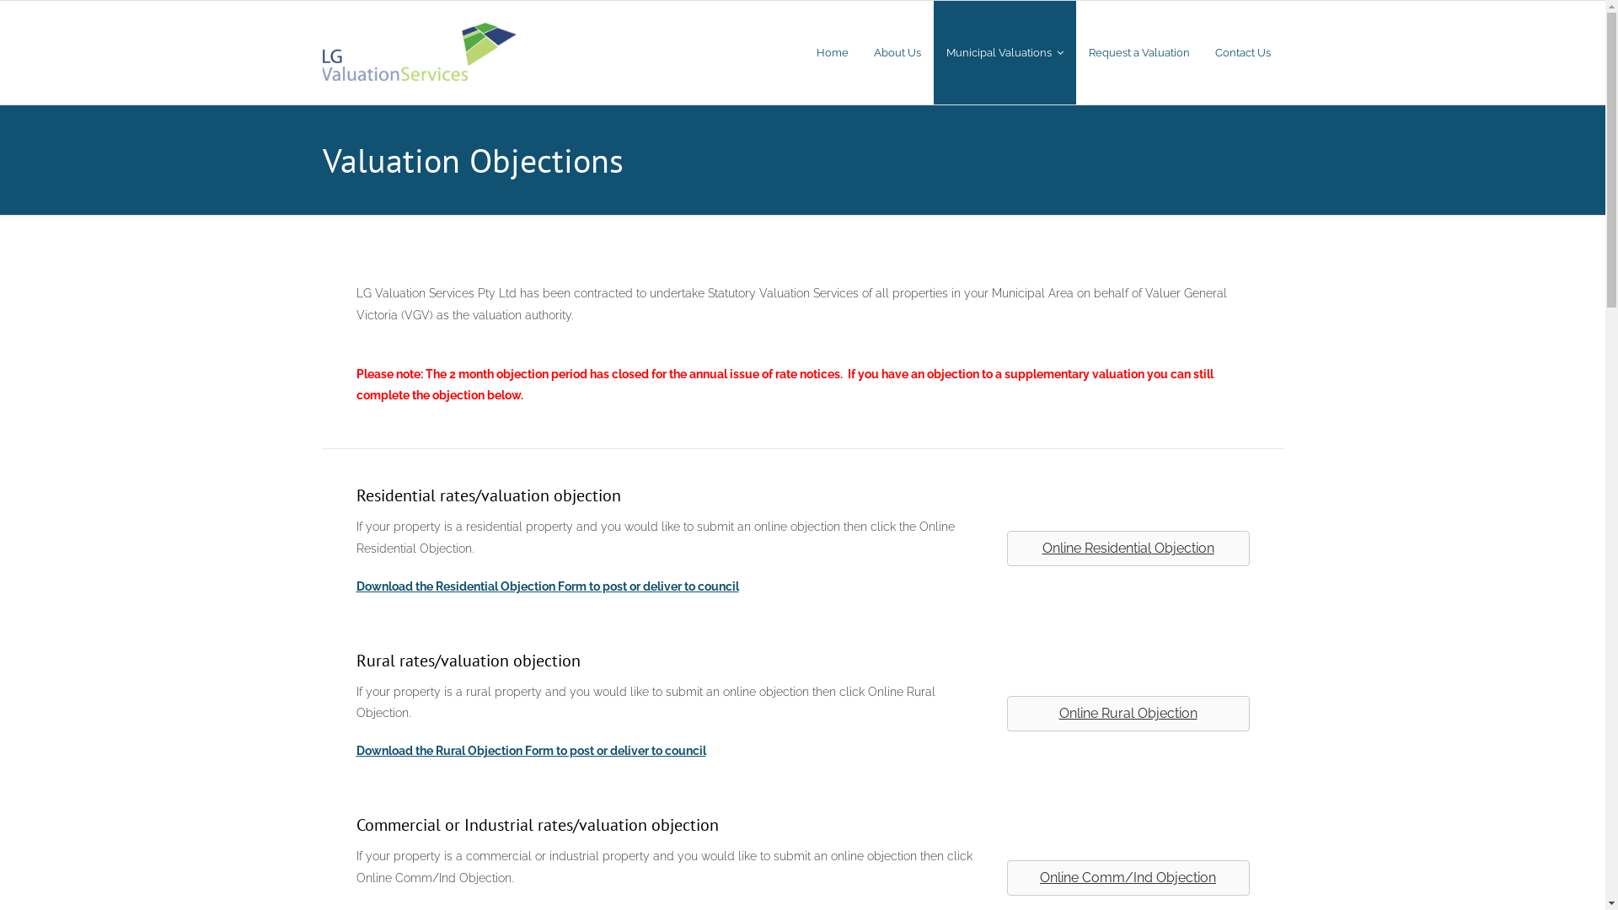 This screenshot has height=910, width=1618. What do you see at coordinates (1074, 51) in the screenshot?
I see `'Request a Valuation'` at bounding box center [1074, 51].